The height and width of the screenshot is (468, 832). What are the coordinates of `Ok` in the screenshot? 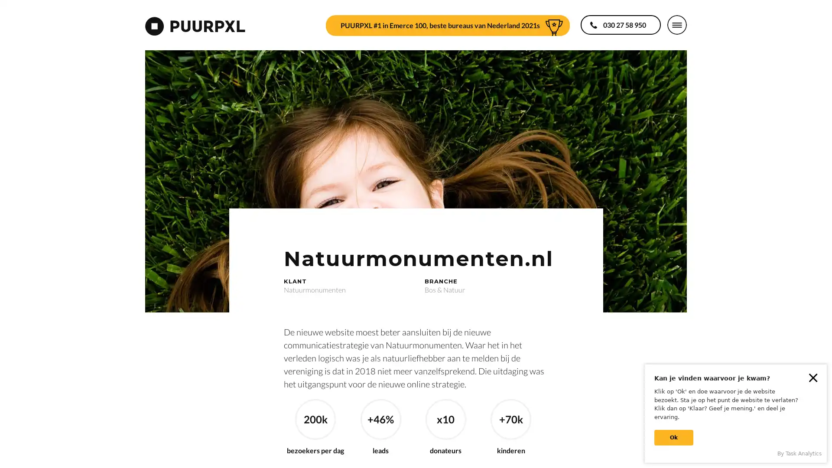 It's located at (673, 438).